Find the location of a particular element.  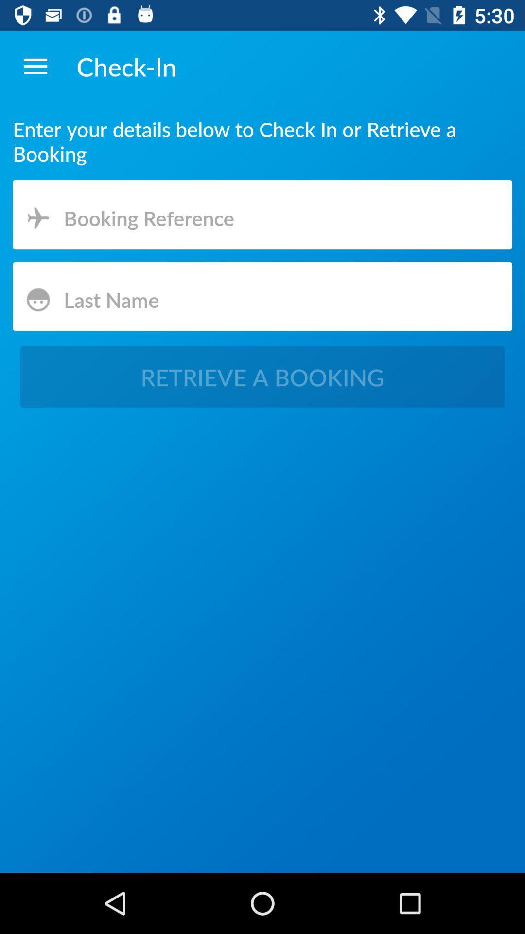

icon above enter your details item is located at coordinates (35, 66).